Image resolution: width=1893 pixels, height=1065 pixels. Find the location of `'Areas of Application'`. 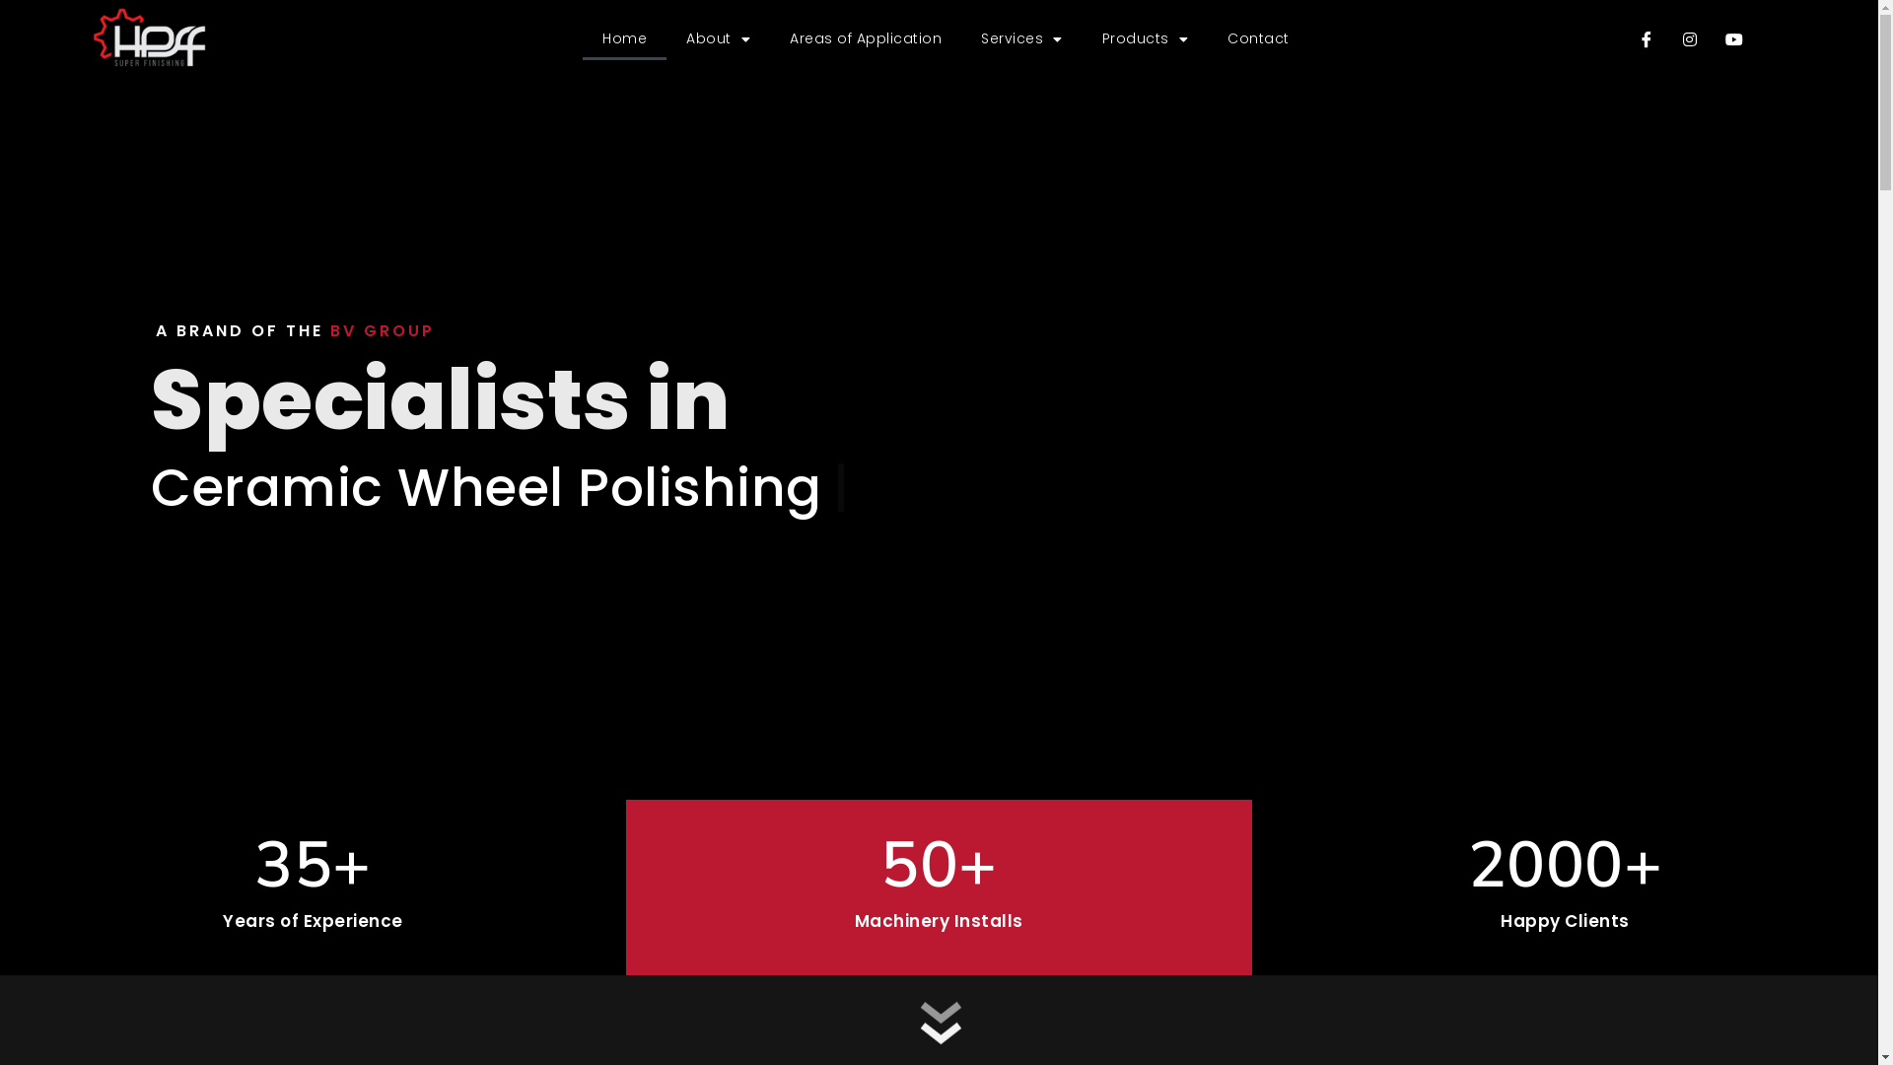

'Areas of Application' is located at coordinates (866, 38).